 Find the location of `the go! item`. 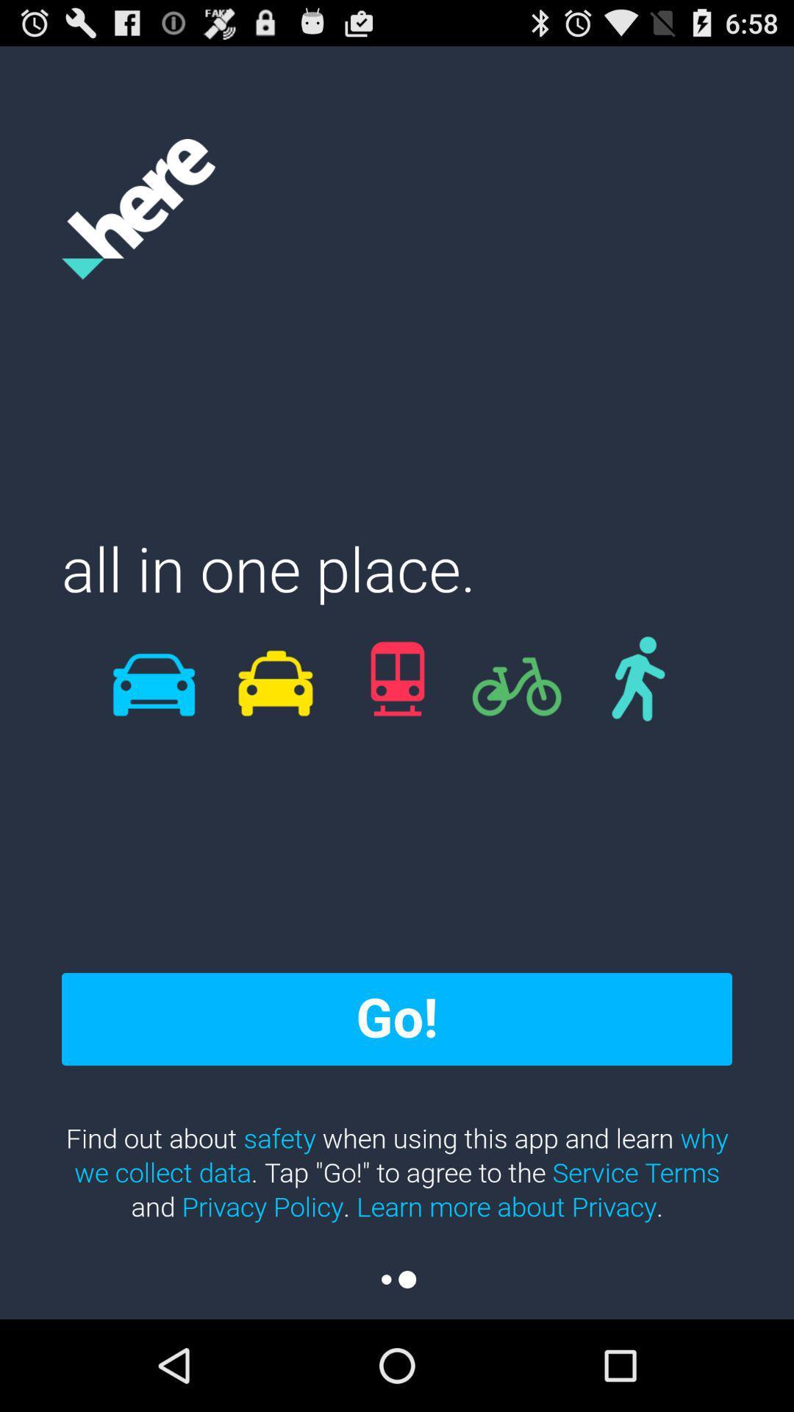

the go! item is located at coordinates (397, 1019).